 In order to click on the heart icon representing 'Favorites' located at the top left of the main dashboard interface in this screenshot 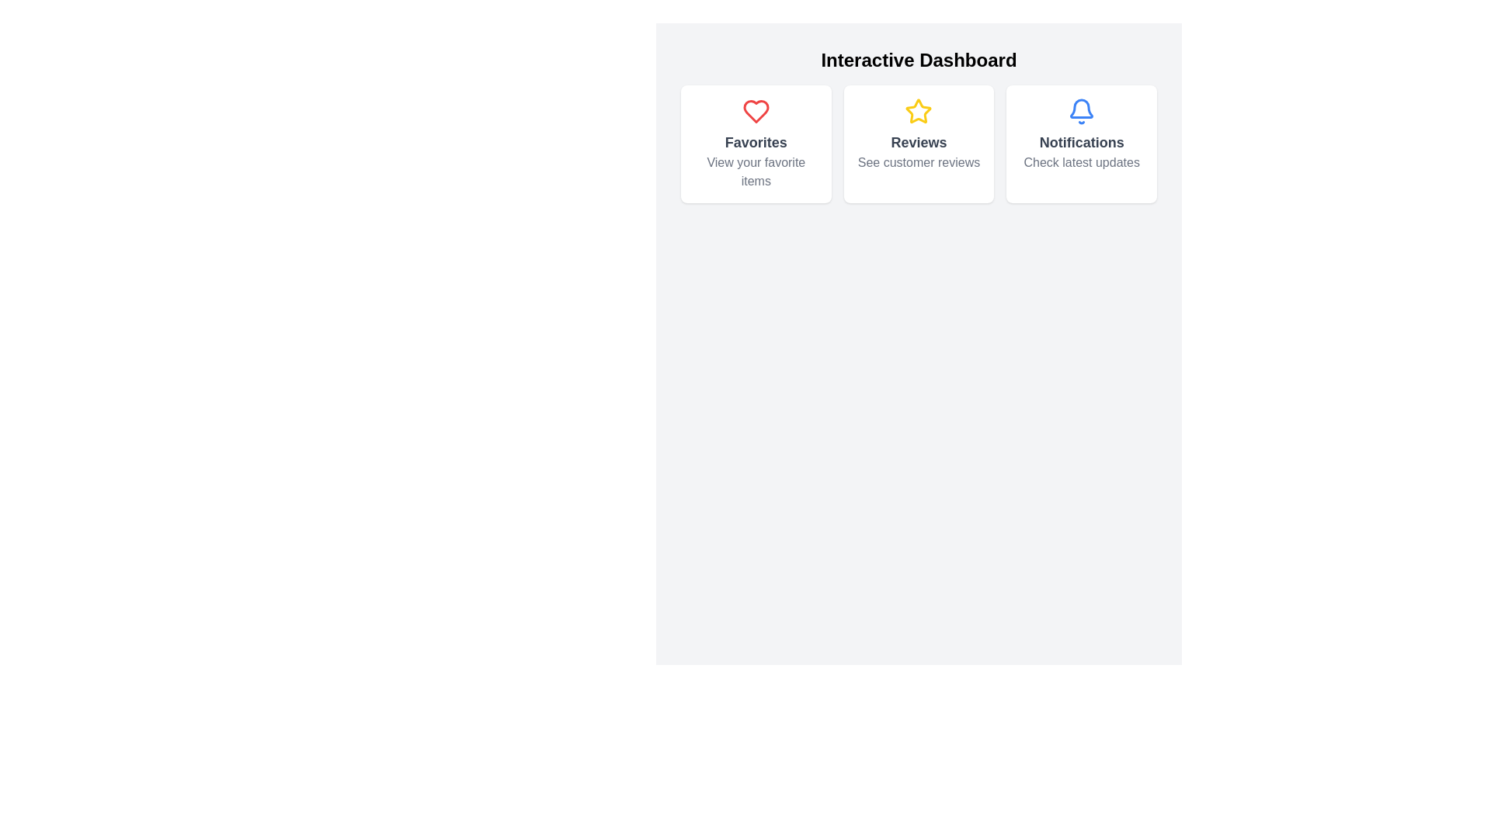, I will do `click(756, 110)`.